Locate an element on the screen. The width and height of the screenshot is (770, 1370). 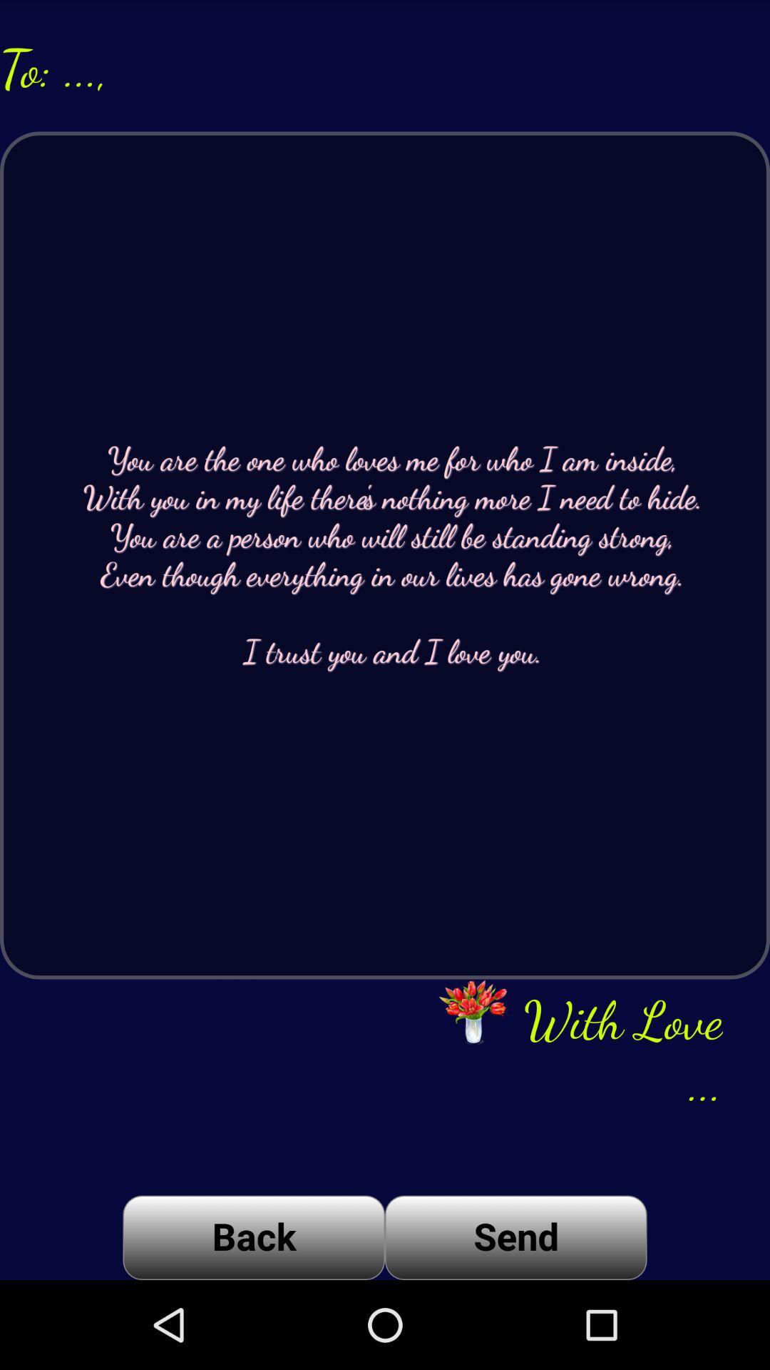
app below you are the is located at coordinates (253, 1237).